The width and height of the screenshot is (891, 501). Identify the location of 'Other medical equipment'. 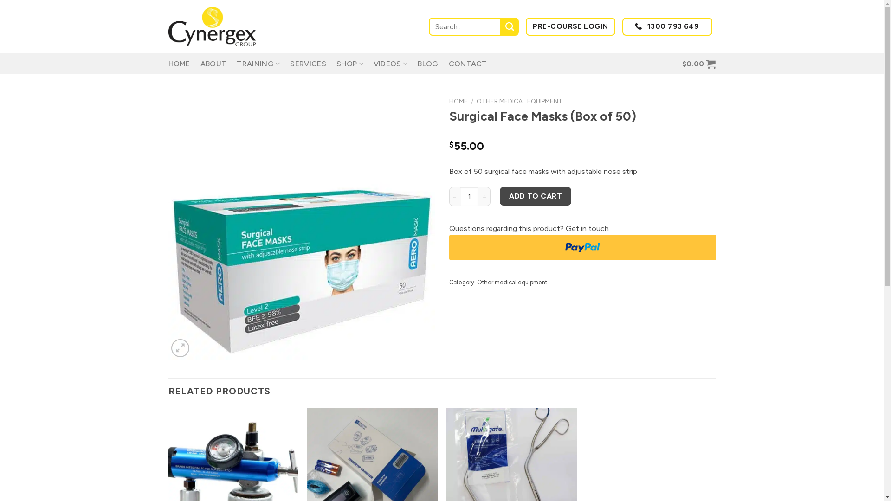
(477, 282).